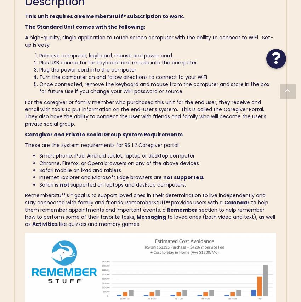  What do you see at coordinates (80, 170) in the screenshot?
I see `'Safari mobile on iPad and tablets'` at bounding box center [80, 170].